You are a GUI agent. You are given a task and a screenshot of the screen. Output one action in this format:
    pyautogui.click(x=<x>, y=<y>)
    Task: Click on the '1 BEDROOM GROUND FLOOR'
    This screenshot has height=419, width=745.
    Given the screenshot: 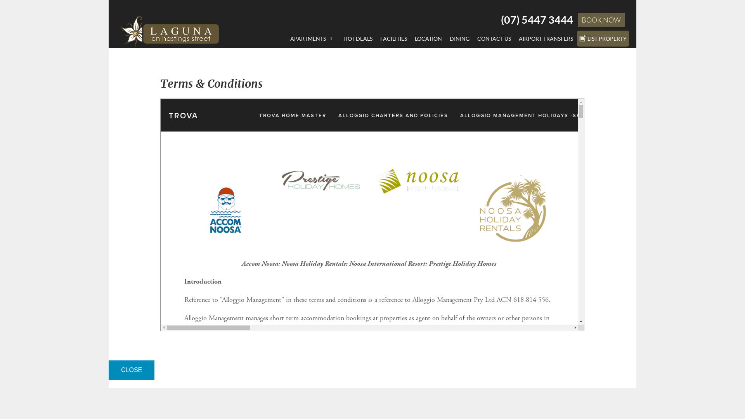 What is the action you would take?
    pyautogui.click(x=331, y=48)
    